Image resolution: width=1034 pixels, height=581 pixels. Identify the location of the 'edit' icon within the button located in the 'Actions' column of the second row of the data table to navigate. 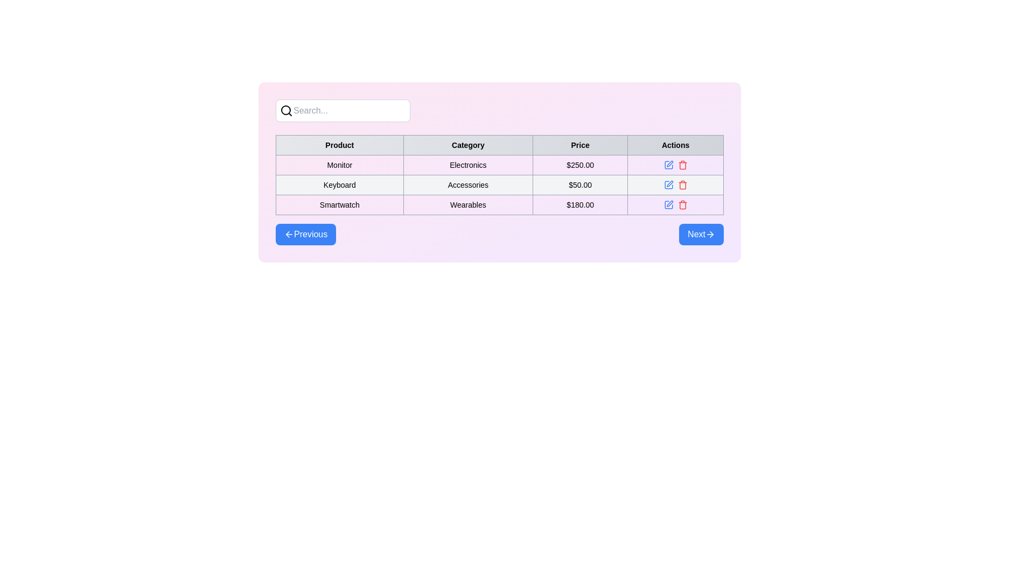
(668, 165).